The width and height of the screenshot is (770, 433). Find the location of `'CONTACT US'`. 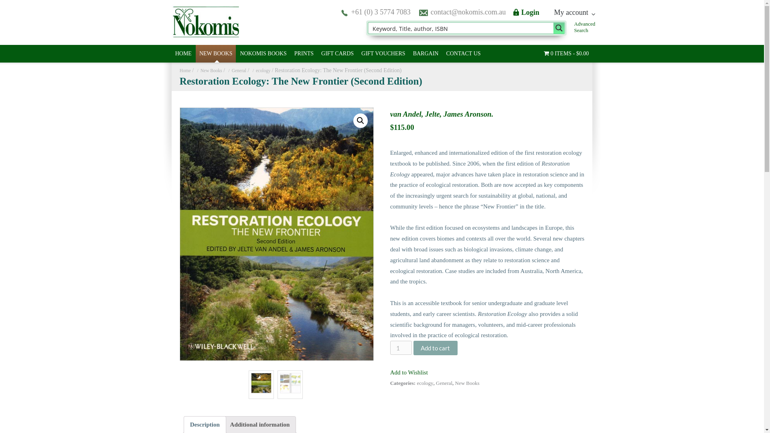

'CONTACT US' is located at coordinates (463, 54).